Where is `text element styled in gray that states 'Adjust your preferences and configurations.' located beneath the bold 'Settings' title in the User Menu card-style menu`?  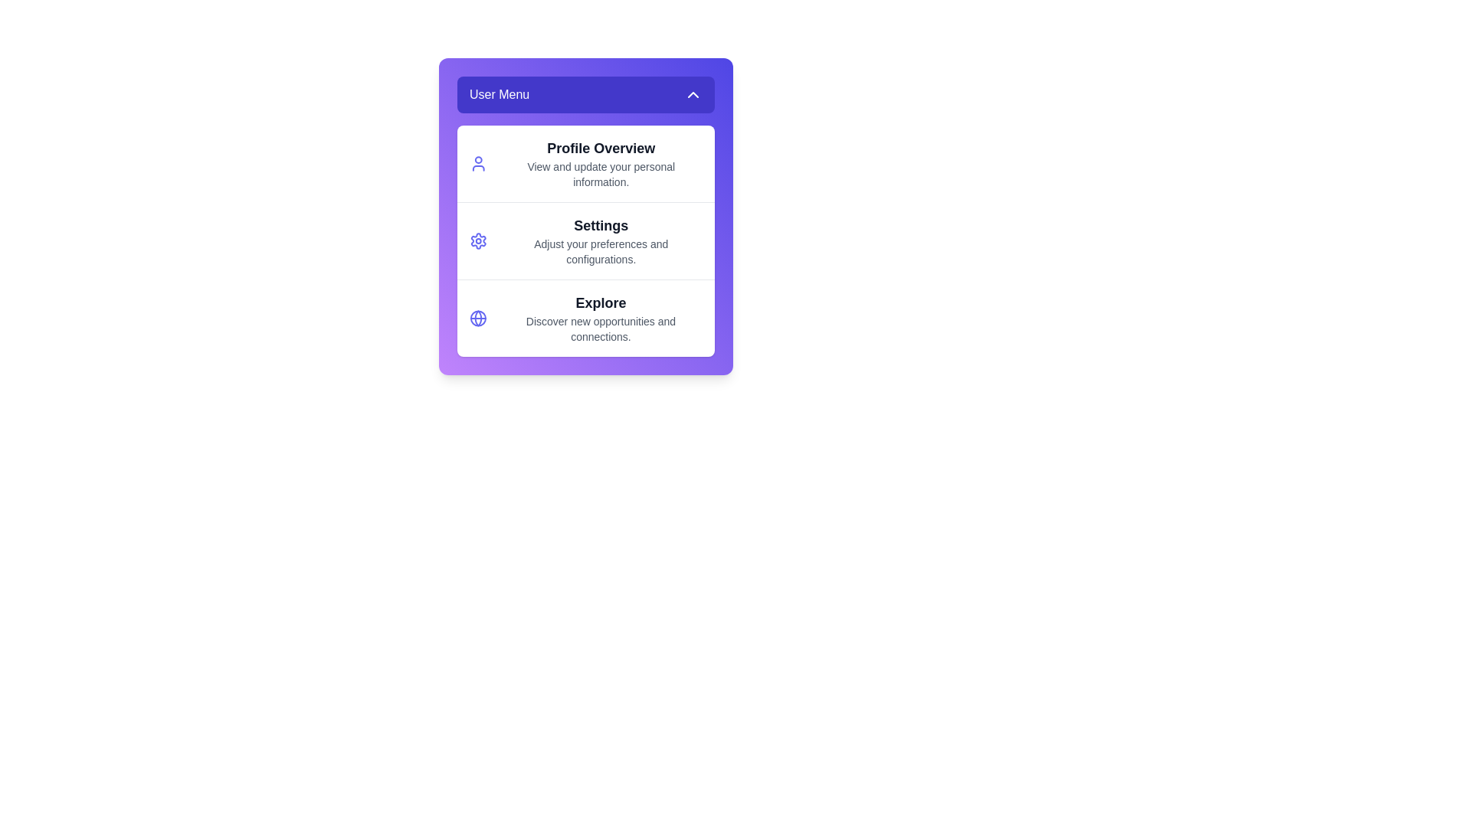 text element styled in gray that states 'Adjust your preferences and configurations.' located beneath the bold 'Settings' title in the User Menu card-style menu is located at coordinates (600, 250).